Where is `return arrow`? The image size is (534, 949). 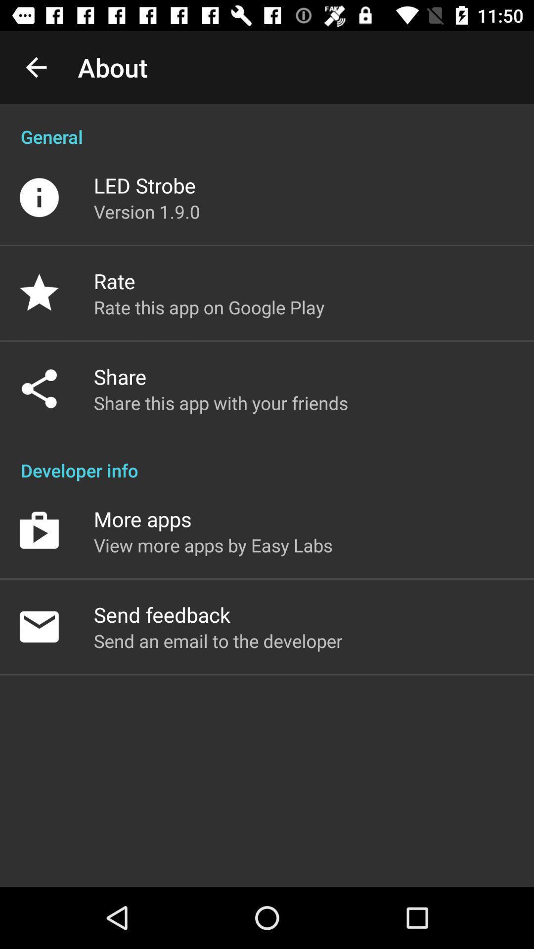
return arrow is located at coordinates (36, 67).